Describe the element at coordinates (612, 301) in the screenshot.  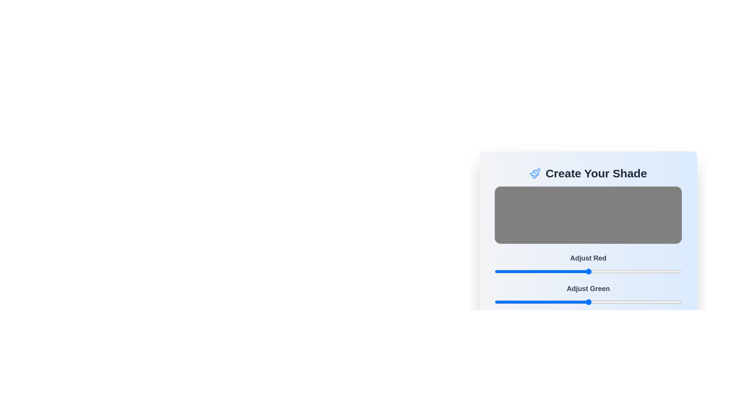
I see `the green color slider to 160` at that location.